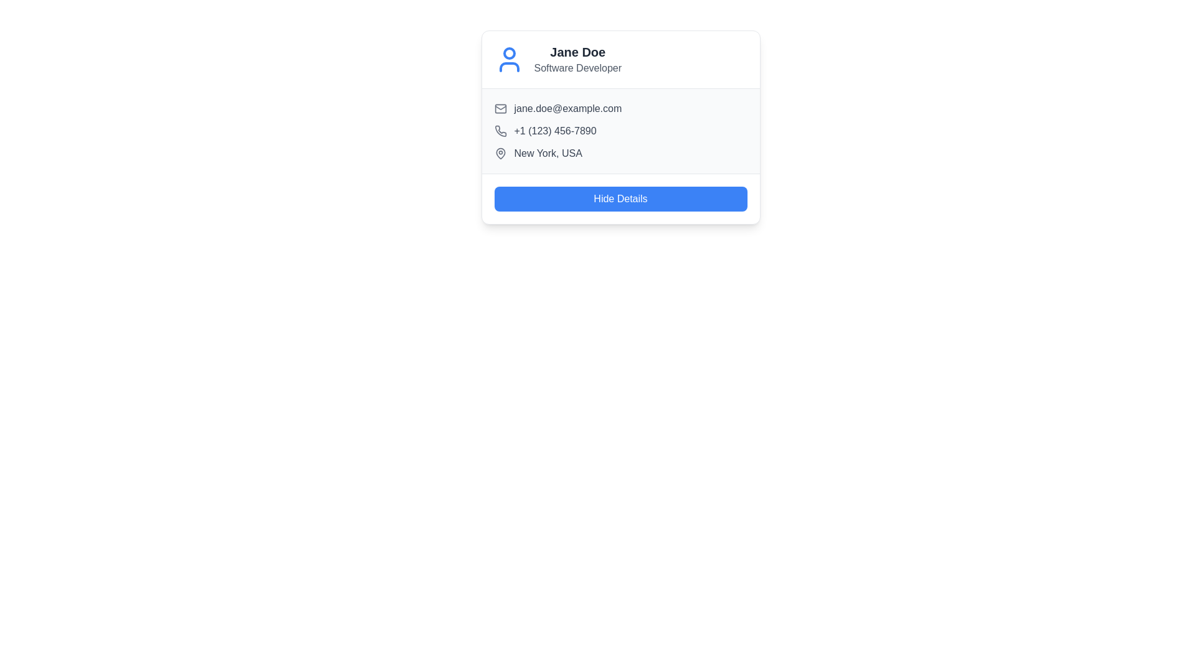 This screenshot has width=1196, height=672. I want to click on the phone icon element, which visually represents contact information and is located to the left of the phone number '+1 (123) 456-7890', so click(500, 131).